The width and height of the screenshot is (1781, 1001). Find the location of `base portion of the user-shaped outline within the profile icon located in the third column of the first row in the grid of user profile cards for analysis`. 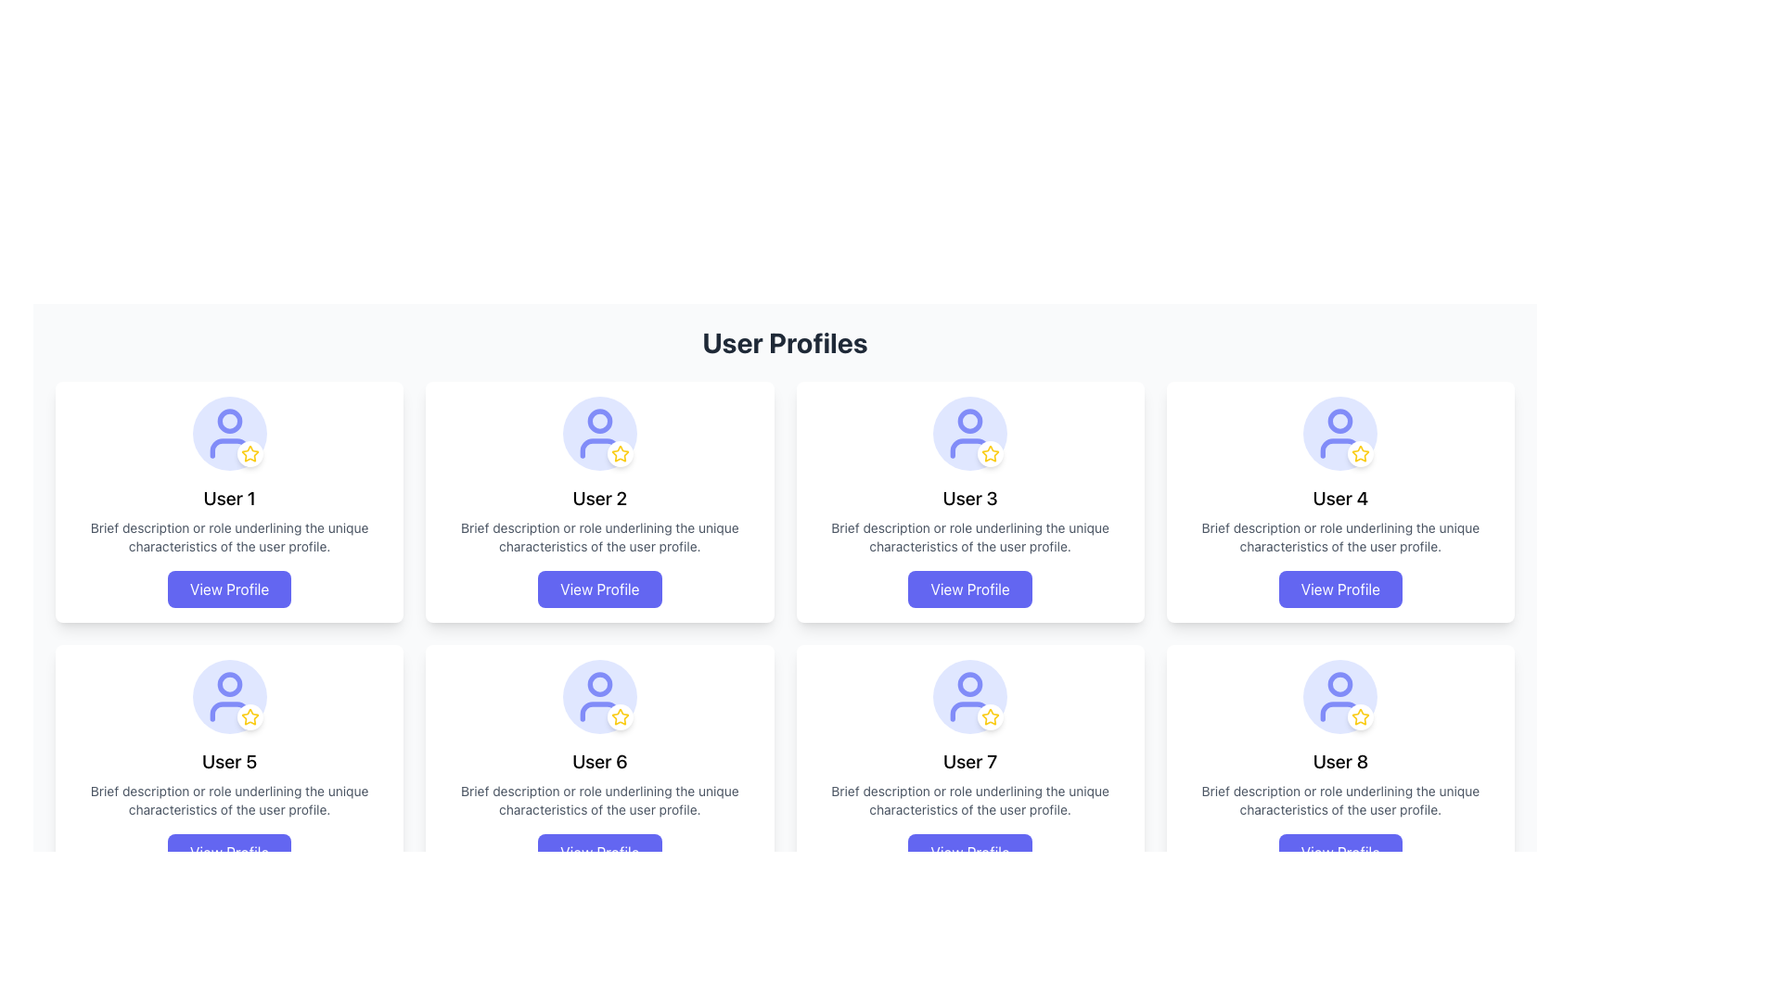

base portion of the user-shaped outline within the profile icon located in the third column of the first row in the grid of user profile cards for analysis is located at coordinates (969, 448).